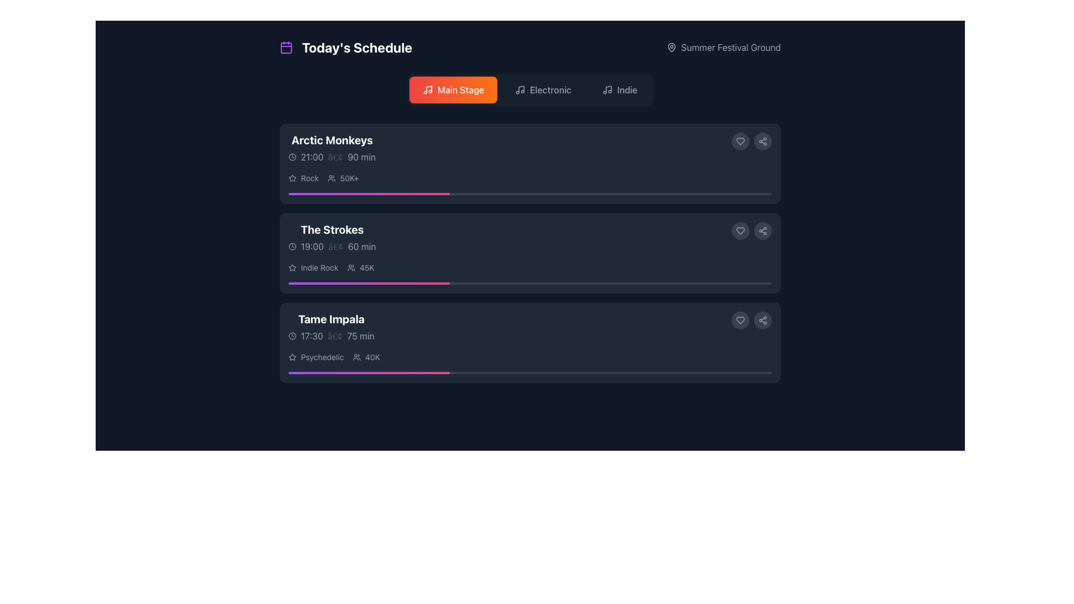 This screenshot has height=604, width=1074. What do you see at coordinates (607, 89) in the screenshot?
I see `the Indie genre icon located in the menu bar, which is the first icon to the left of the 'Indie' text label` at bounding box center [607, 89].